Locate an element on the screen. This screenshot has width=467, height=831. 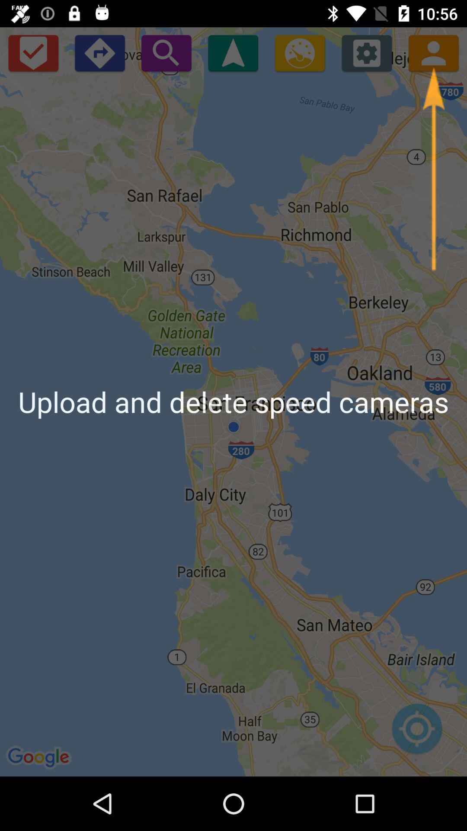
contacts option is located at coordinates (433, 52).